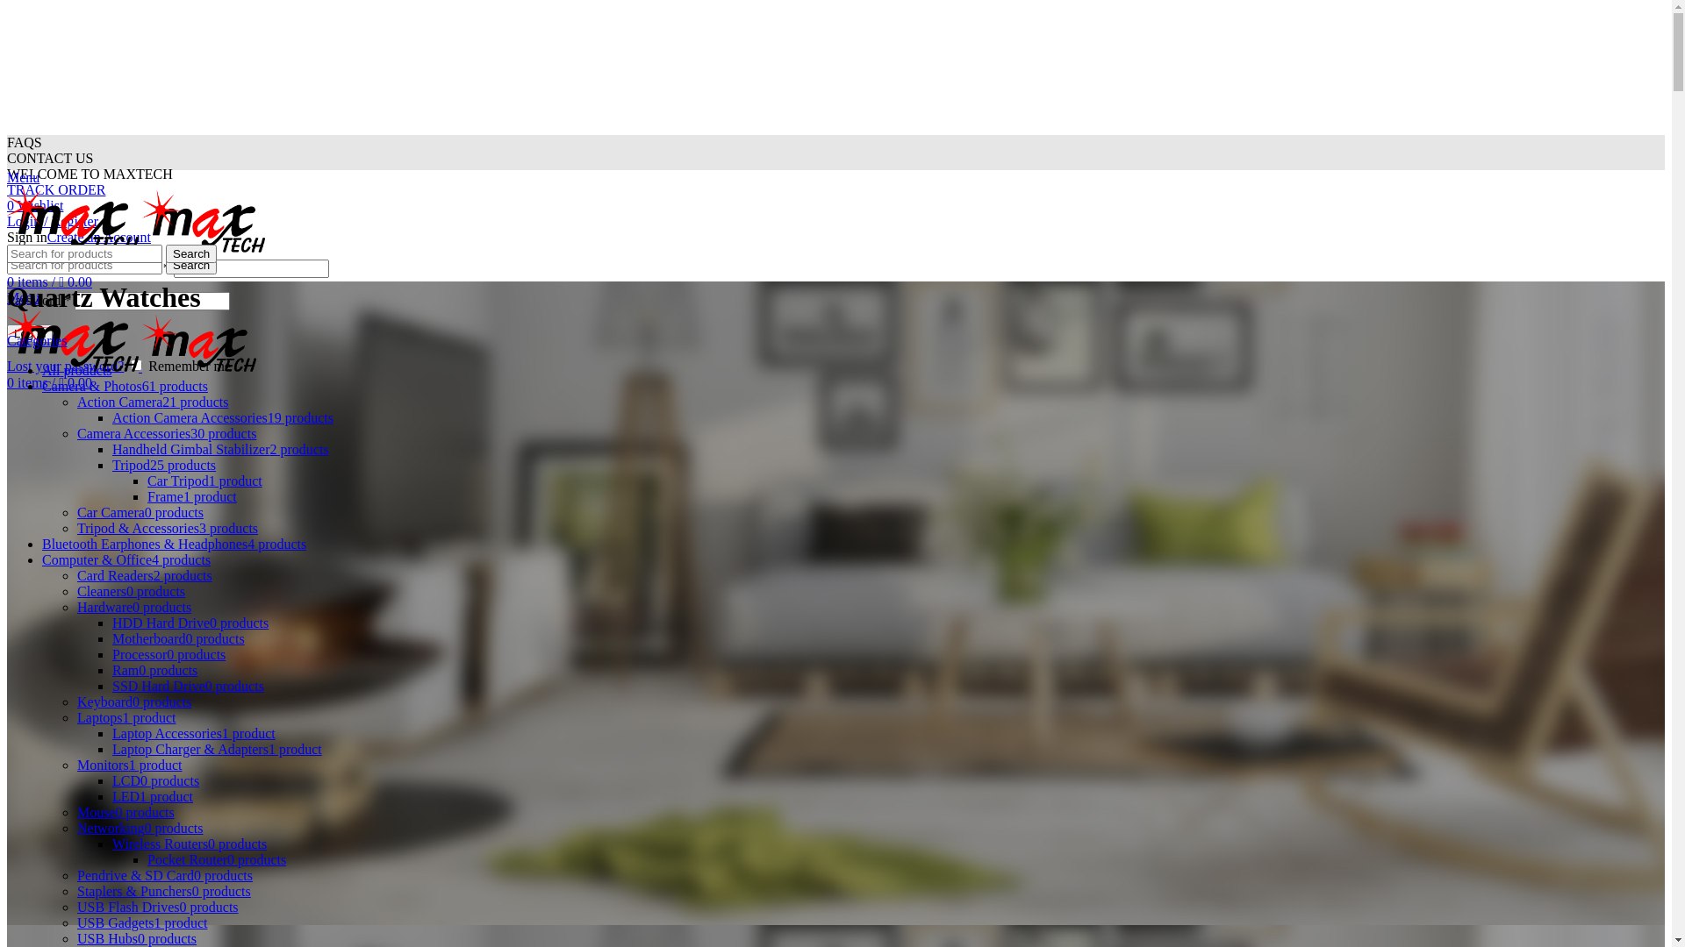 The height and width of the screenshot is (947, 1685). Describe the element at coordinates (154, 670) in the screenshot. I see `'Ram0 products'` at that location.